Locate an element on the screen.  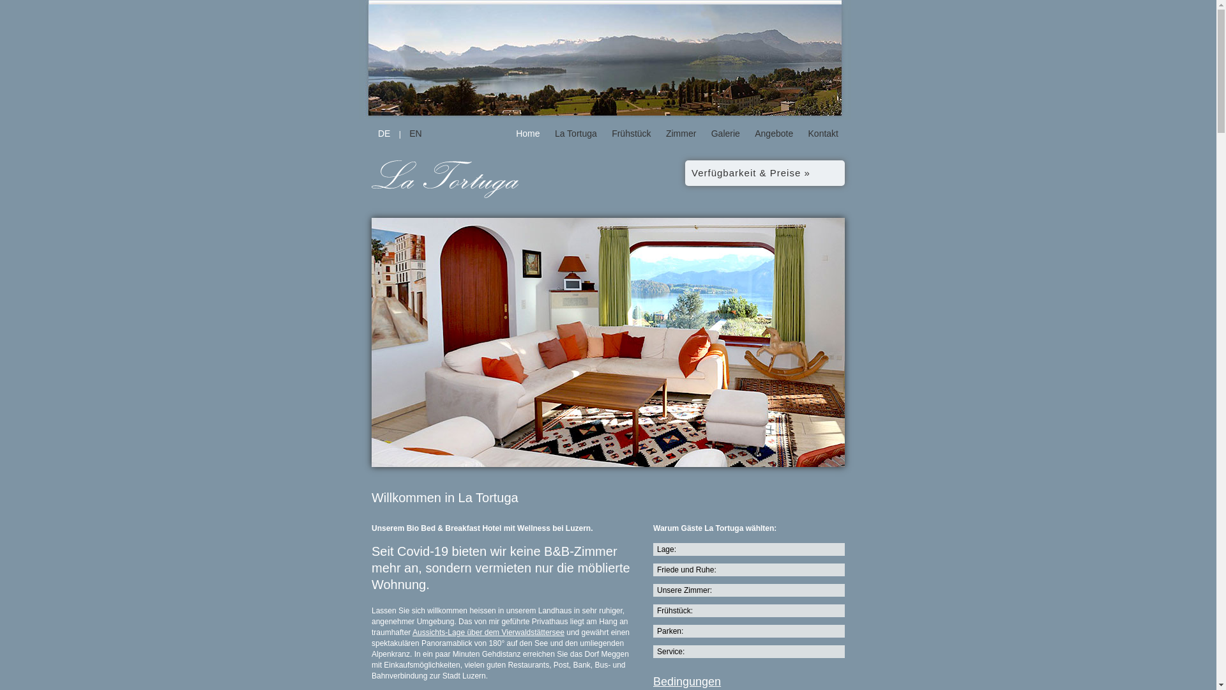
'Unsere Zimmer:' is located at coordinates (748, 590).